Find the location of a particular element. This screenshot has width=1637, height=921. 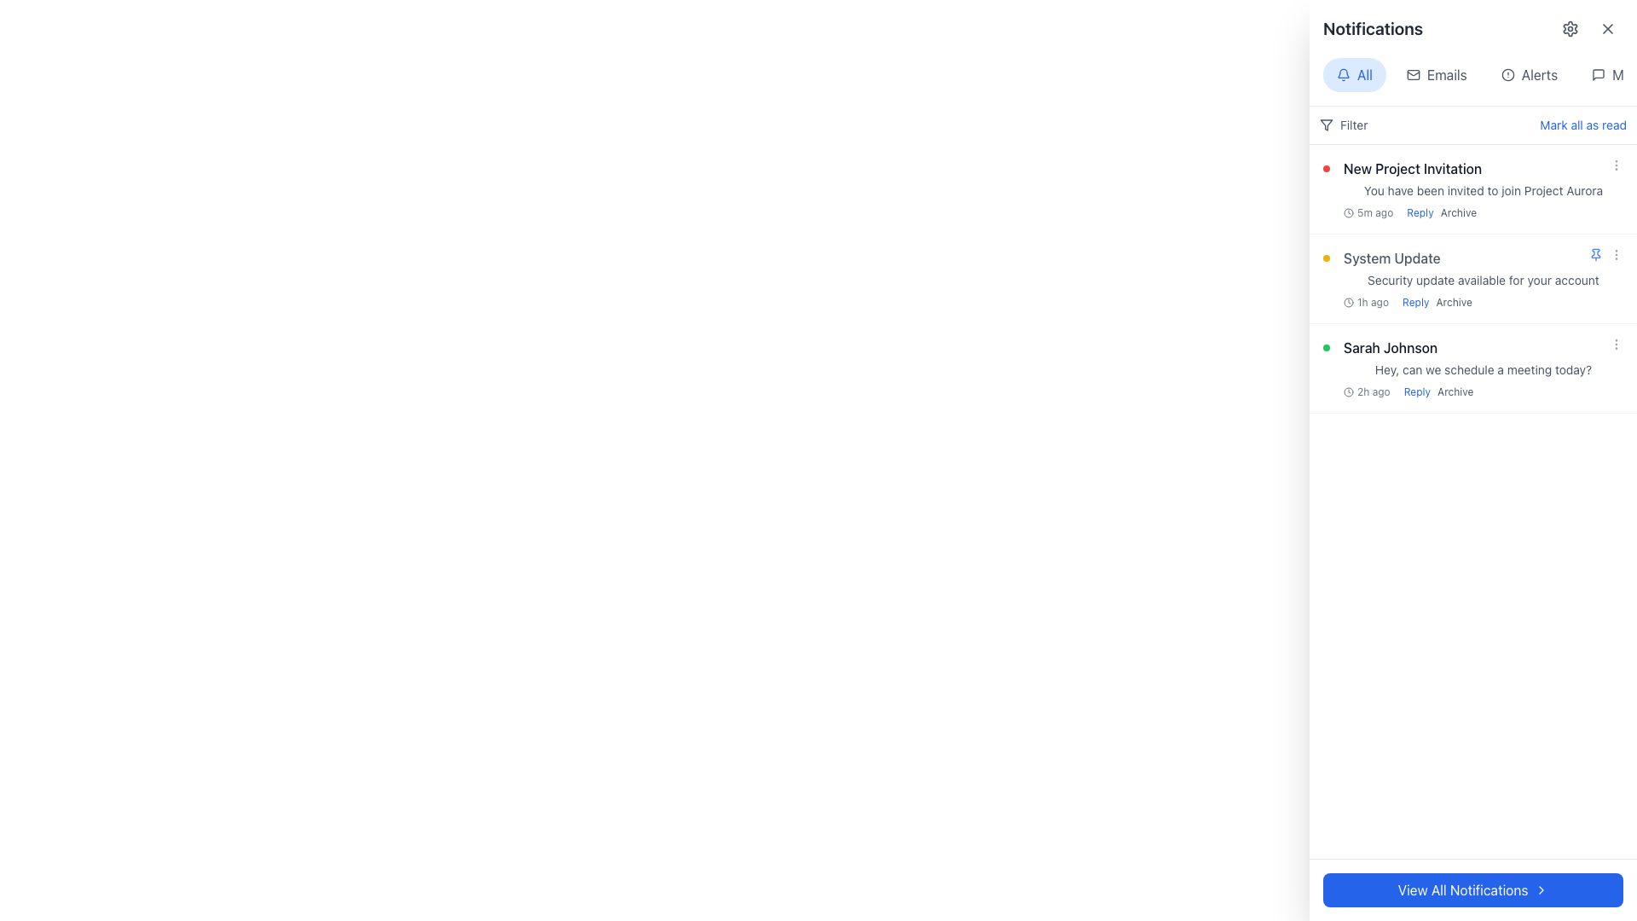

the filter icon button, which is an SVG icon with a triangular funnel shape located near the left side of the header row, positioned to the left of the 'Filter' text is located at coordinates (1325, 124).